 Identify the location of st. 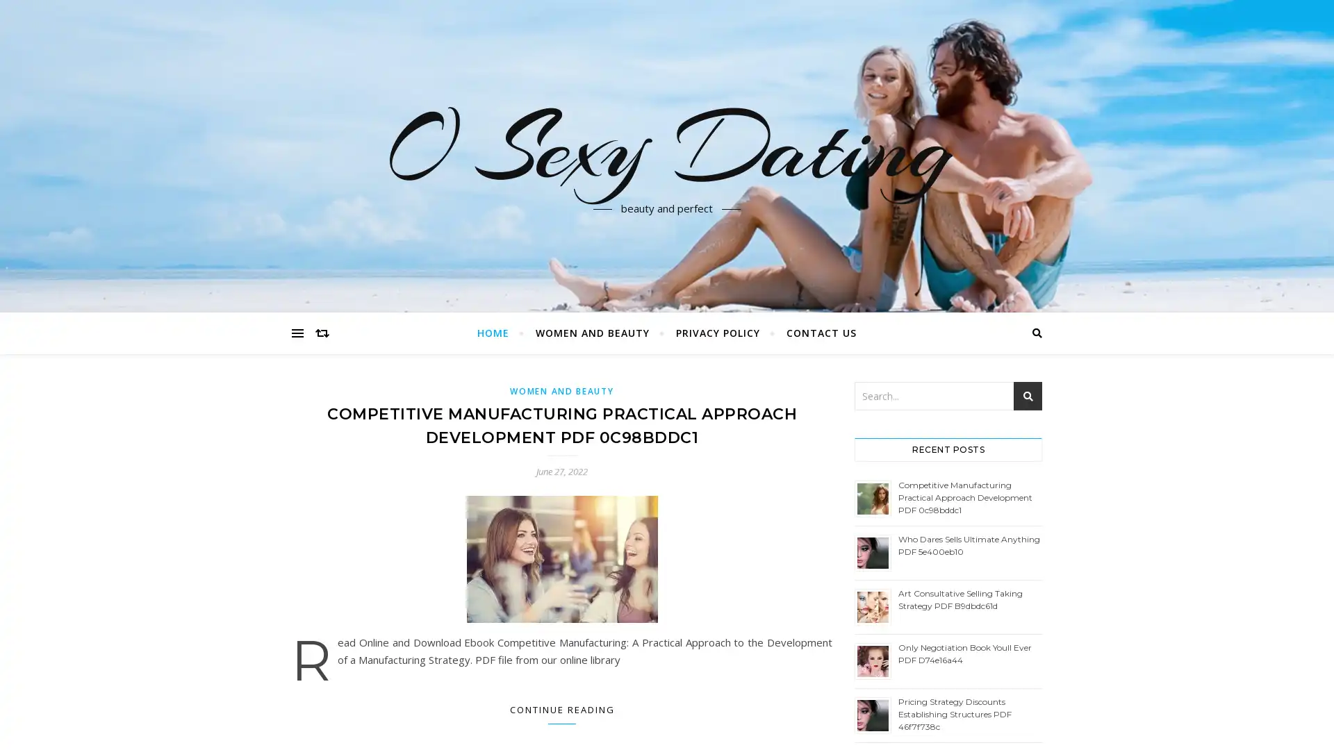
(1028, 396).